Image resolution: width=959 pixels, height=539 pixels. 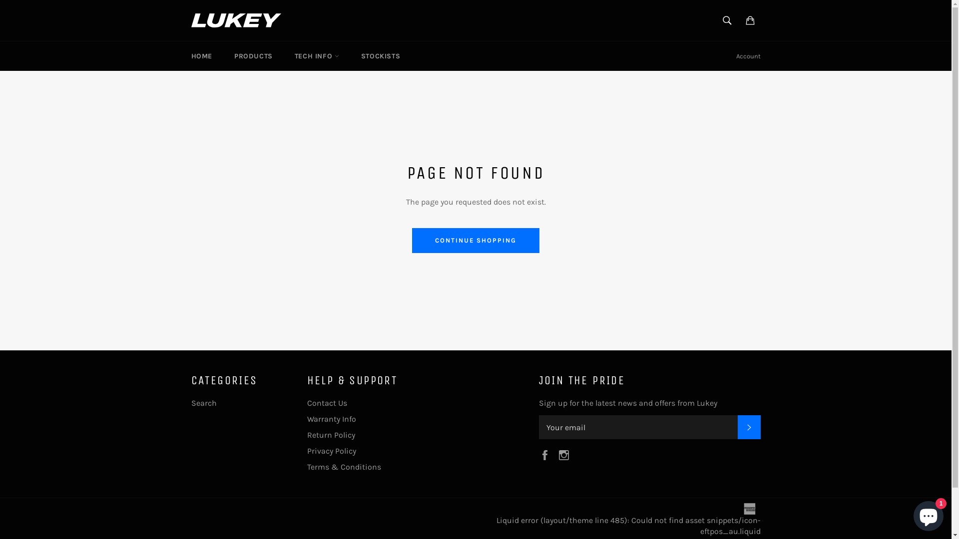 What do you see at coordinates (306, 419) in the screenshot?
I see `'Warranty Info'` at bounding box center [306, 419].